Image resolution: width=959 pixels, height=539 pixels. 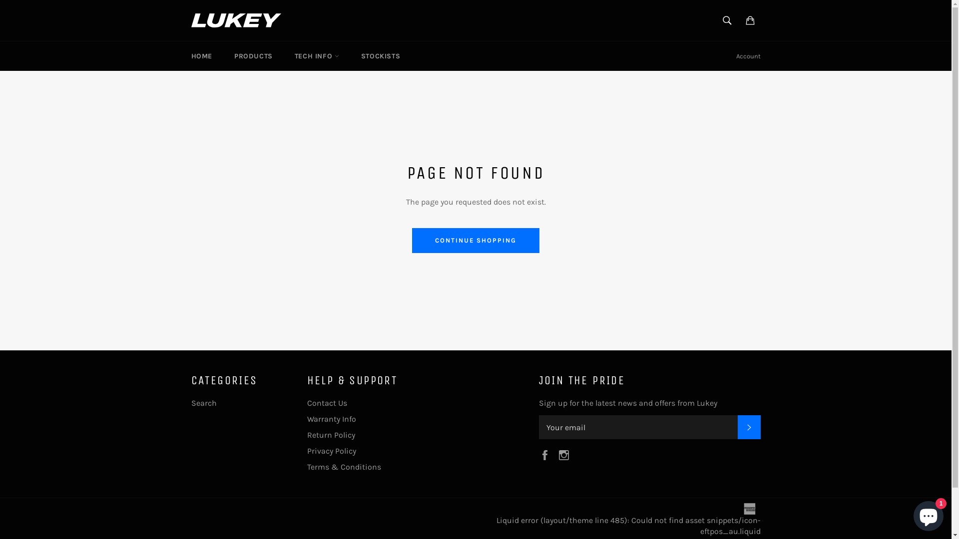 What do you see at coordinates (306, 419) in the screenshot?
I see `'Warranty Info'` at bounding box center [306, 419].